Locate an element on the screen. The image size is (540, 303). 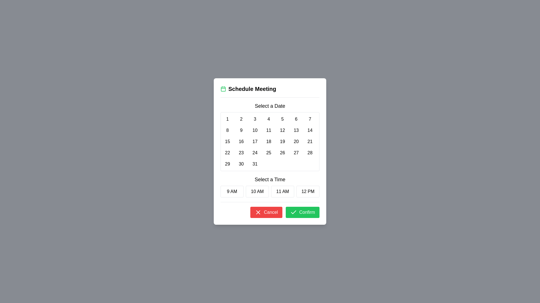
the small white circle-shaped button displaying the number '10' in bold black font to confirm the date is located at coordinates (255, 130).